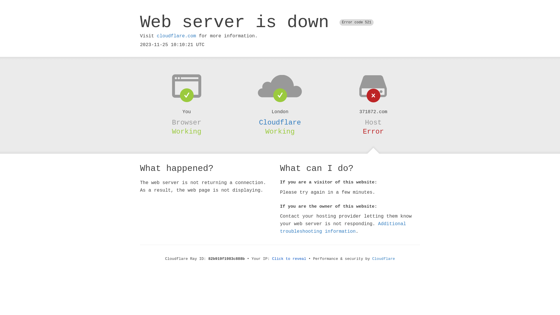  Describe the element at coordinates (280, 122) in the screenshot. I see `'Cloudflare'` at that location.